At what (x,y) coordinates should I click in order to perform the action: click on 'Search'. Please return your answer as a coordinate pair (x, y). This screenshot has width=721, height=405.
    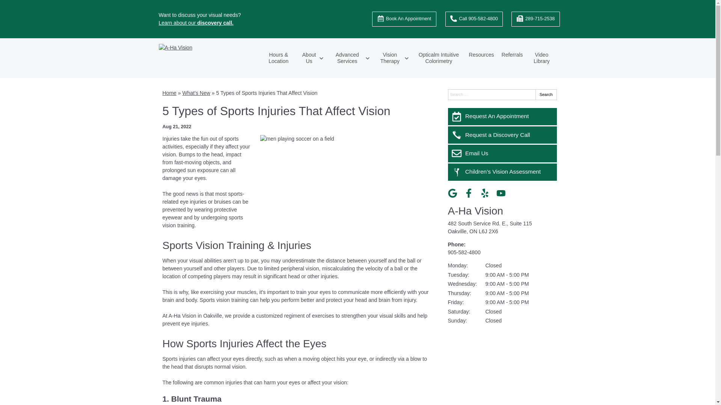
    Looking at the image, I should click on (546, 94).